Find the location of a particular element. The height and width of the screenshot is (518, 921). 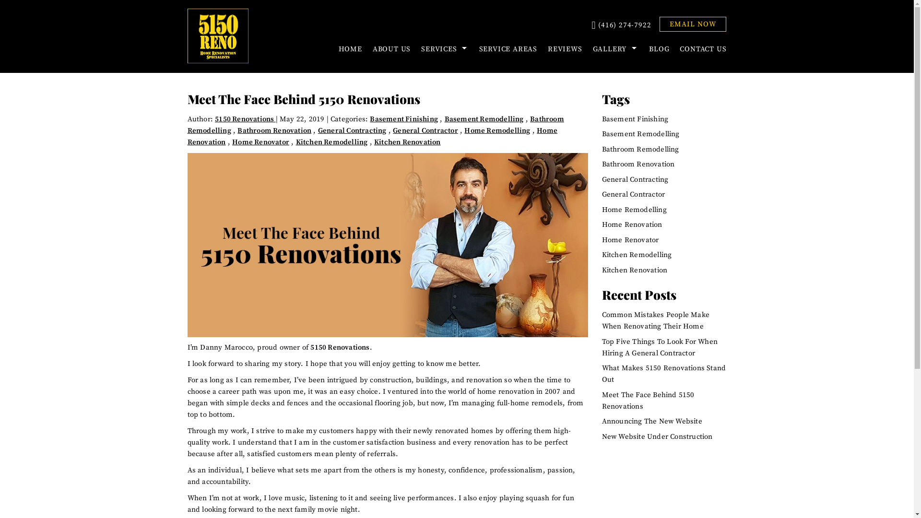

'BLOG' is located at coordinates (658, 49).